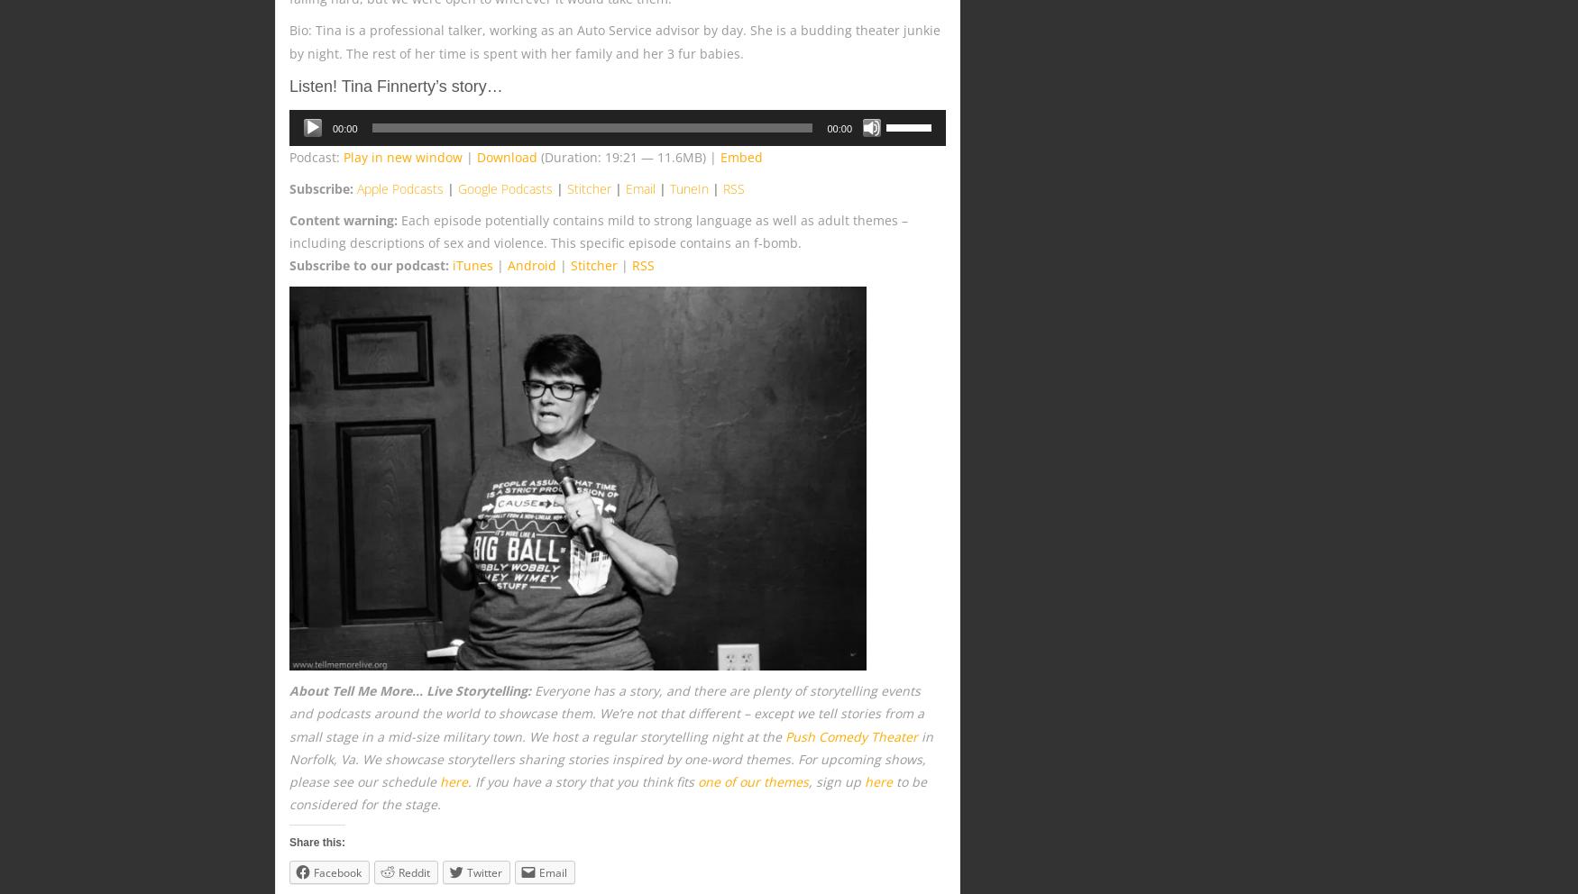  I want to click on 'Content warning:', so click(342, 219).